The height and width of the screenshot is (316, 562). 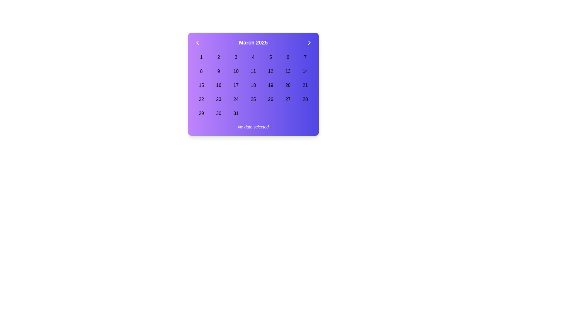 What do you see at coordinates (201, 85) in the screenshot?
I see `the circular button with a violet background and the text '15' centered within, located` at bounding box center [201, 85].